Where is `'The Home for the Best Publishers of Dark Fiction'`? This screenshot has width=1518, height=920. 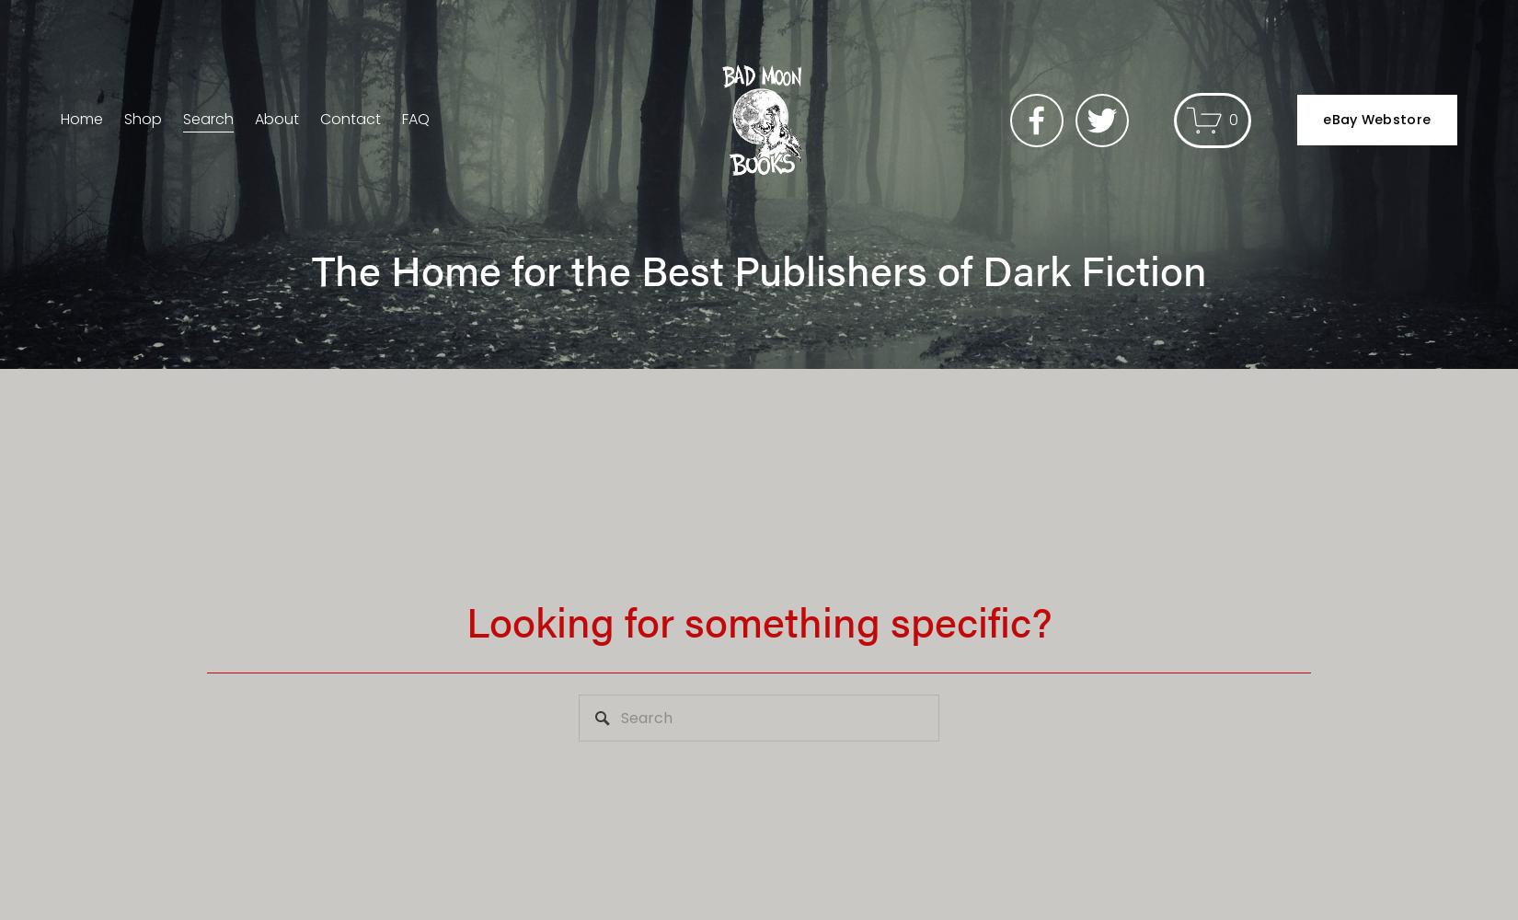 'The Home for the Best Publishers of Dark Fiction' is located at coordinates (757, 269).